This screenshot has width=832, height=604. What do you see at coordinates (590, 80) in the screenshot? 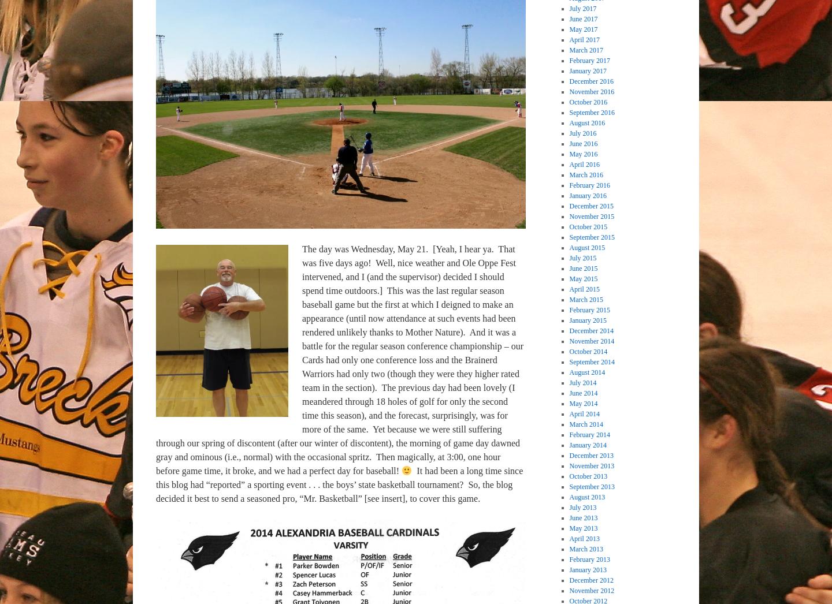
I see `'December 2016'` at bounding box center [590, 80].